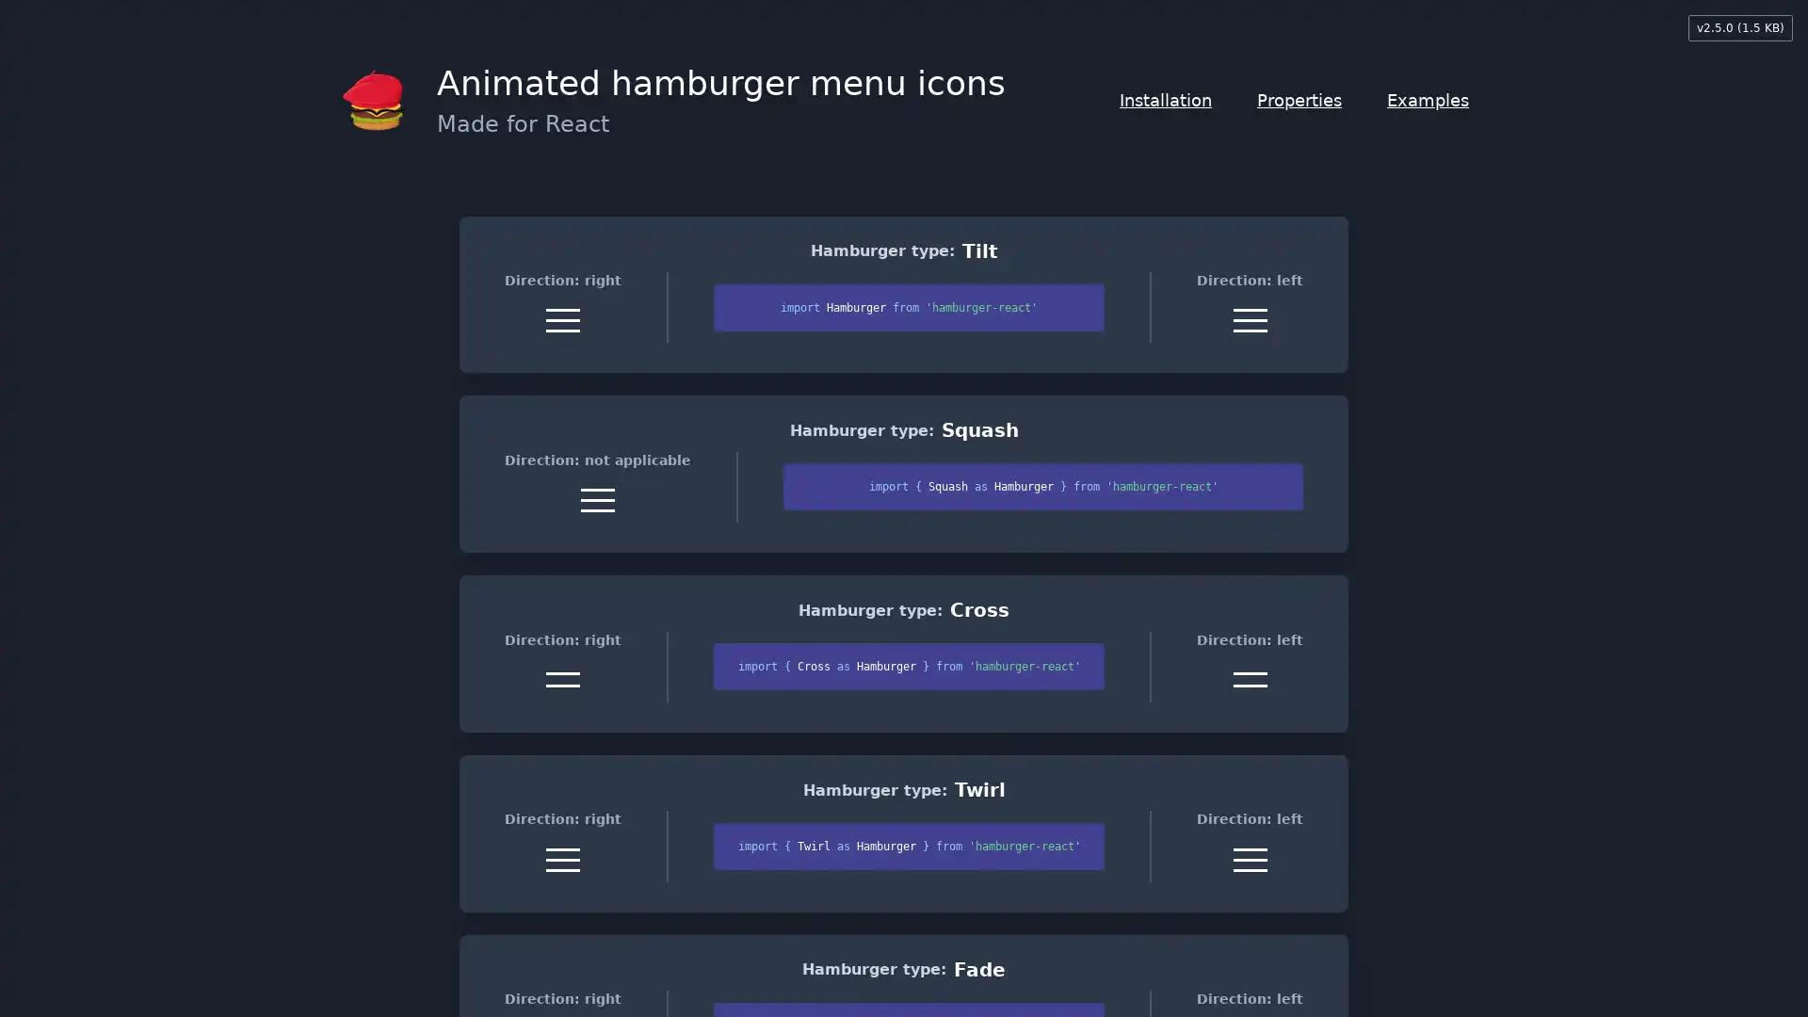  What do you see at coordinates (1428, 100) in the screenshot?
I see `Examples` at bounding box center [1428, 100].